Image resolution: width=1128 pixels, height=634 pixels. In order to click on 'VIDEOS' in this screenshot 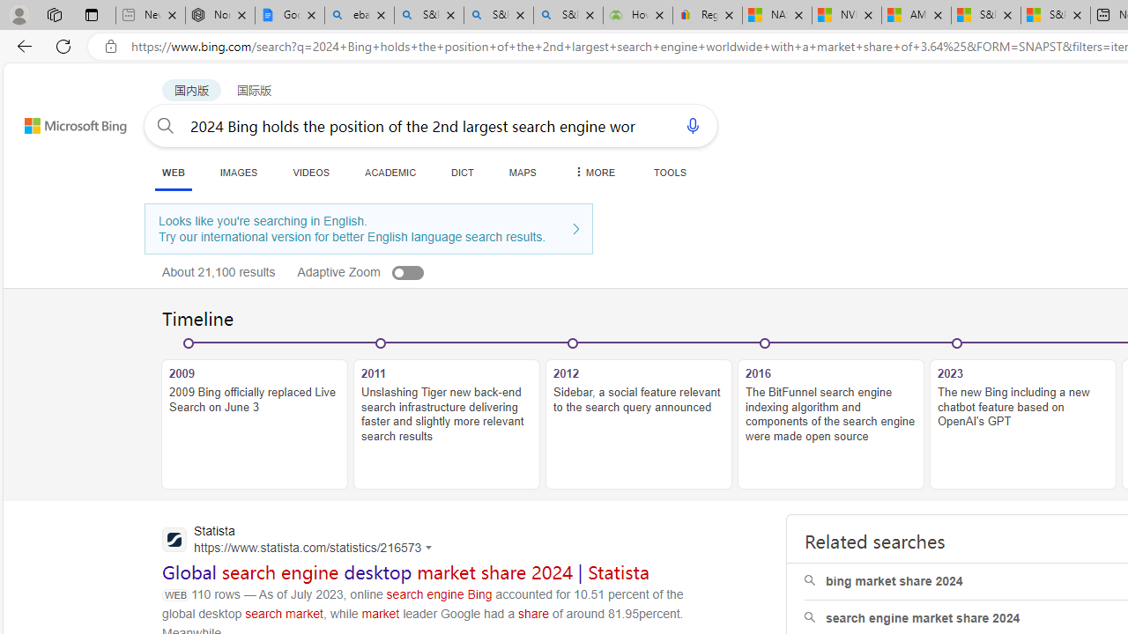, I will do `click(311, 172)`.